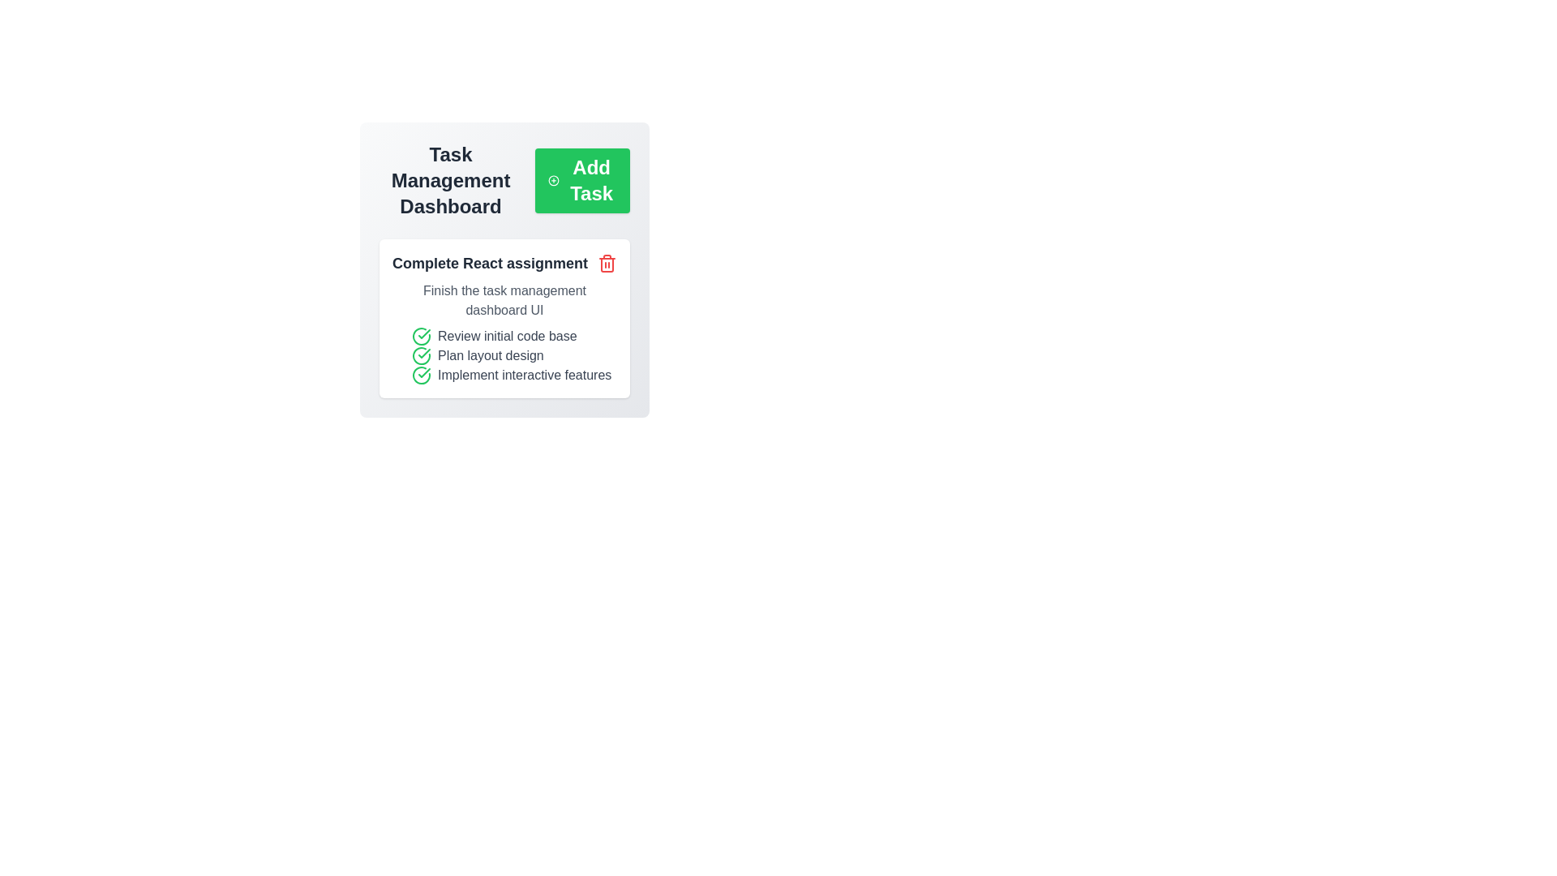 The width and height of the screenshot is (1557, 876). I want to click on the SVG Circle Element representing a plus symbol inside a circle, located to the right of the green 'Add Task' button, so click(554, 181).